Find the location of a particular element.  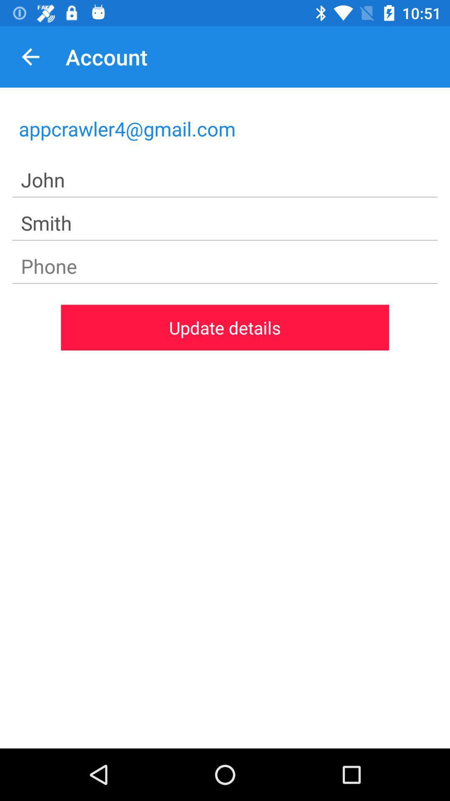

item above the appcrawler4@gmail.com item is located at coordinates (30, 56).